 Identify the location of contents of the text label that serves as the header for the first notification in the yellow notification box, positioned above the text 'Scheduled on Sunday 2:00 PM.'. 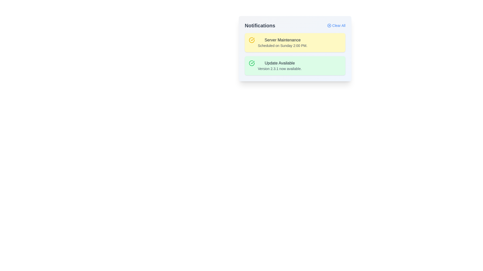
(283, 40).